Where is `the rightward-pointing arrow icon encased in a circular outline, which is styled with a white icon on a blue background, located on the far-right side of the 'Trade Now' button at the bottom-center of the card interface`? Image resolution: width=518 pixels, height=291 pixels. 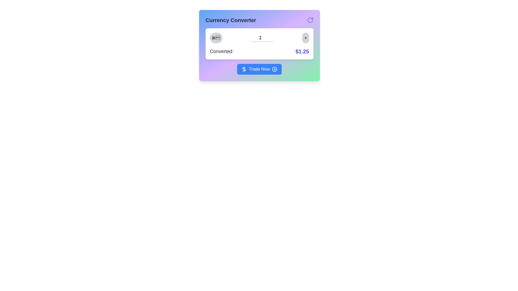
the rightward-pointing arrow icon encased in a circular outline, which is styled with a white icon on a blue background, located on the far-right side of the 'Trade Now' button at the bottom-center of the card interface is located at coordinates (275, 69).